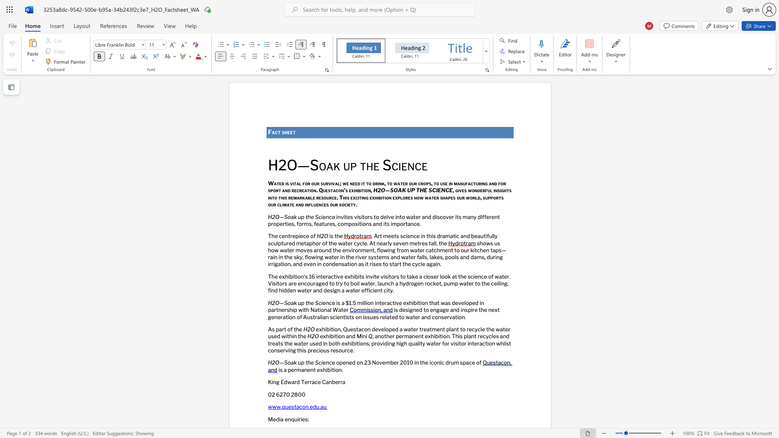 The width and height of the screenshot is (779, 438). What do you see at coordinates (458, 216) in the screenshot?
I see `the space between the continuous character "t" and "s" in the text` at bounding box center [458, 216].